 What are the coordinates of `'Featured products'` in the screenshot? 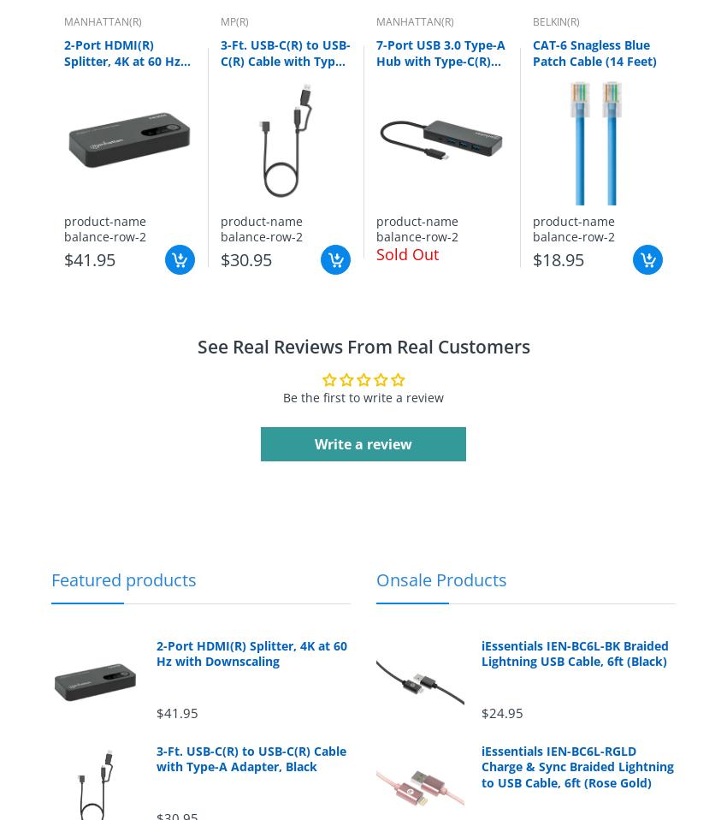 It's located at (124, 578).